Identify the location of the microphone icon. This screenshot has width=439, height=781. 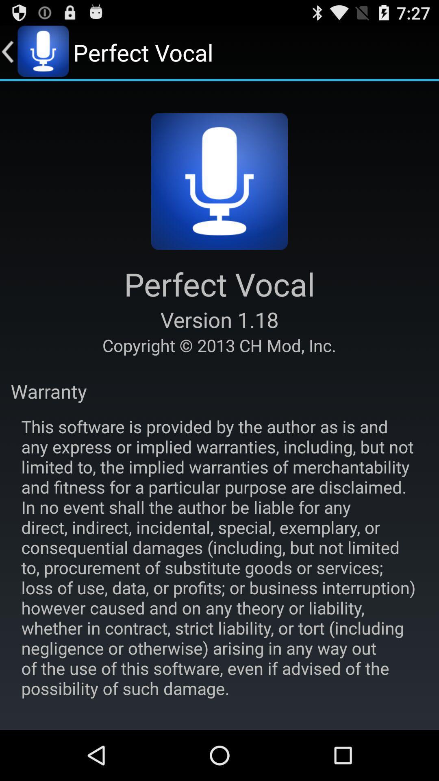
(34, 54).